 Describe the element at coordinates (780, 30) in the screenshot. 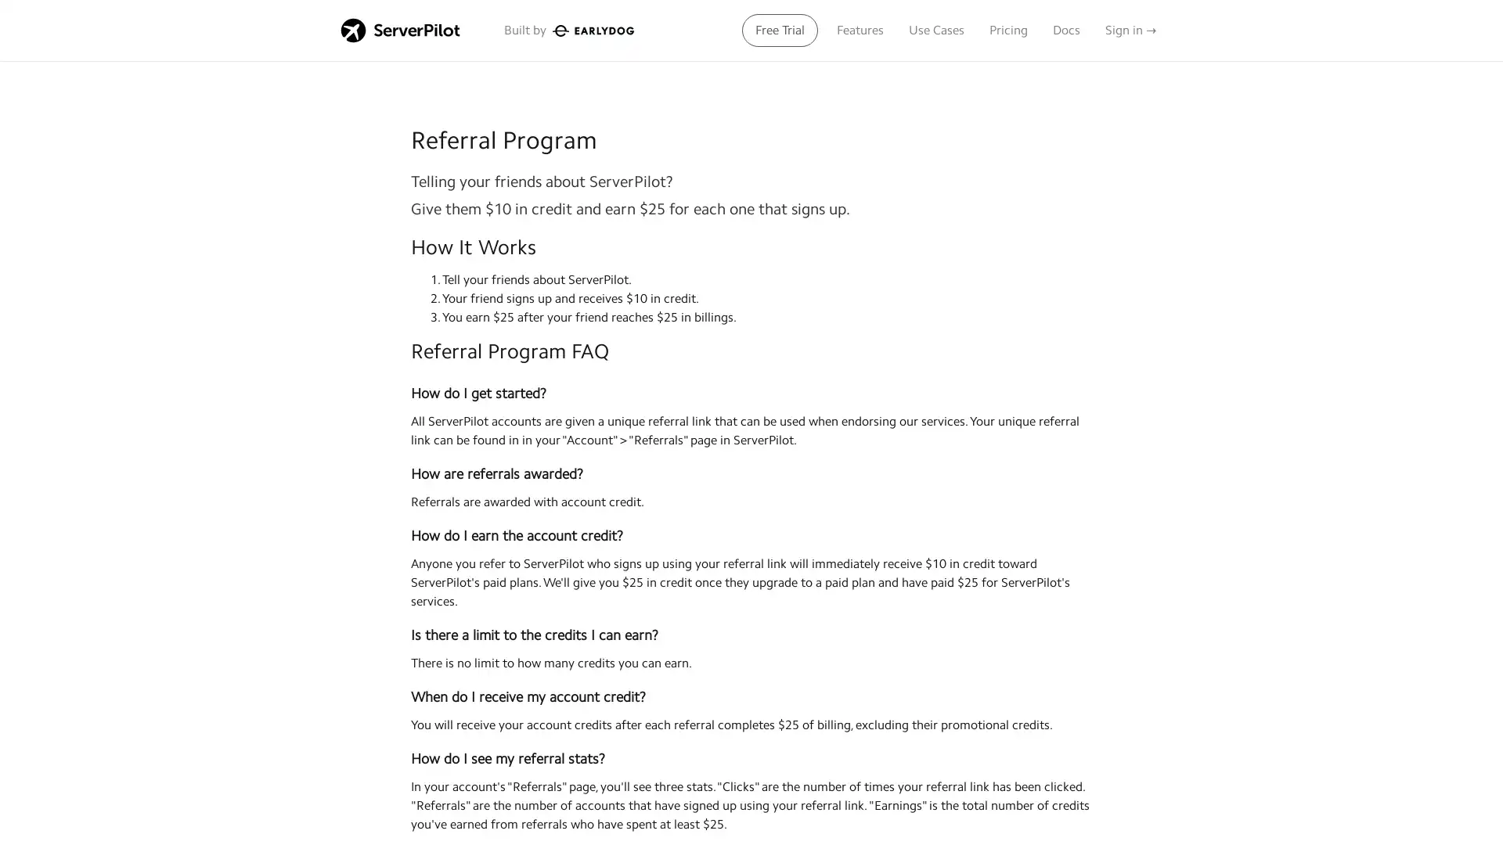

I see `Free Trial` at that location.